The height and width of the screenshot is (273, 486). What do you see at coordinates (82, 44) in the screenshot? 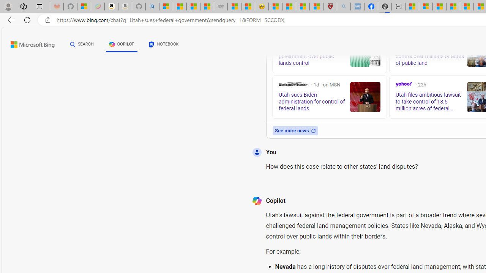
I see `'SEARCH'` at bounding box center [82, 44].